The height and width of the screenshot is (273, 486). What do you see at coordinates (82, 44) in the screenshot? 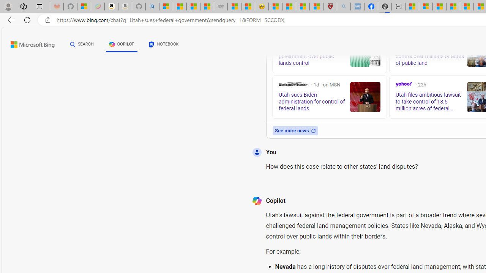
I see `'SEARCH'` at bounding box center [82, 44].